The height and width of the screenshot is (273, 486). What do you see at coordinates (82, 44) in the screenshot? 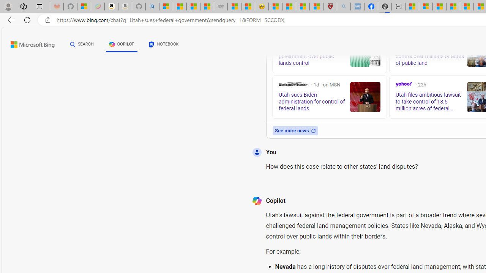
I see `'SEARCH'` at bounding box center [82, 44].